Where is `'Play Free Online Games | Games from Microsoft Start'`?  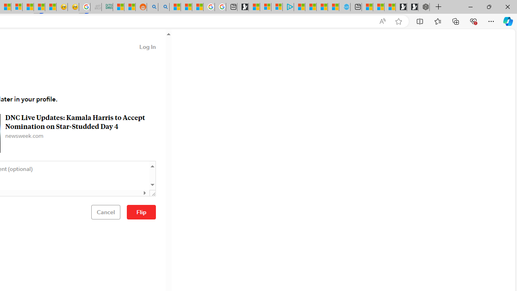 'Play Free Online Games | Games from Microsoft Start' is located at coordinates (412, 7).